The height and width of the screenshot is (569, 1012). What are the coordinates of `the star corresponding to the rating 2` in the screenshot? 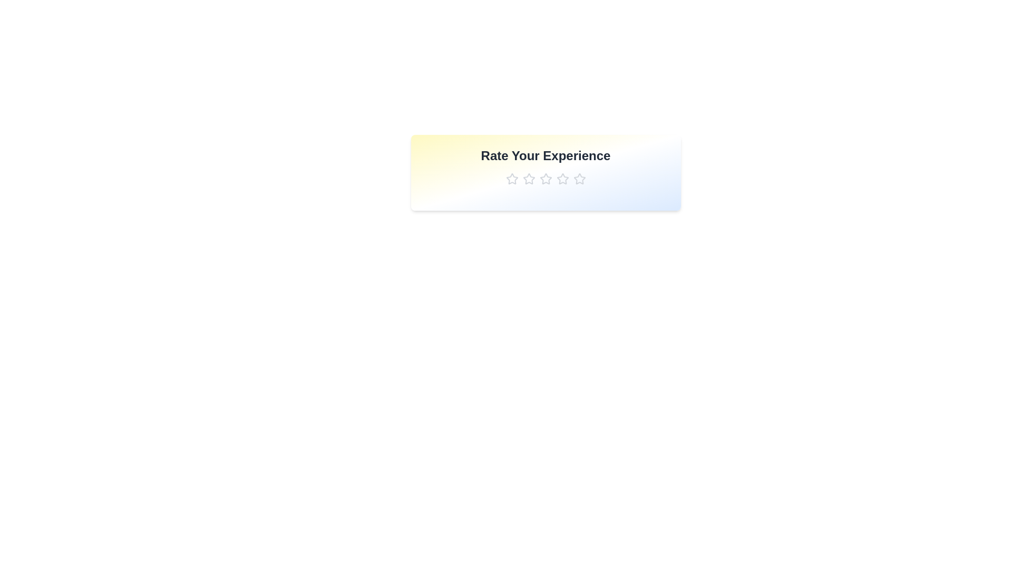 It's located at (529, 178).